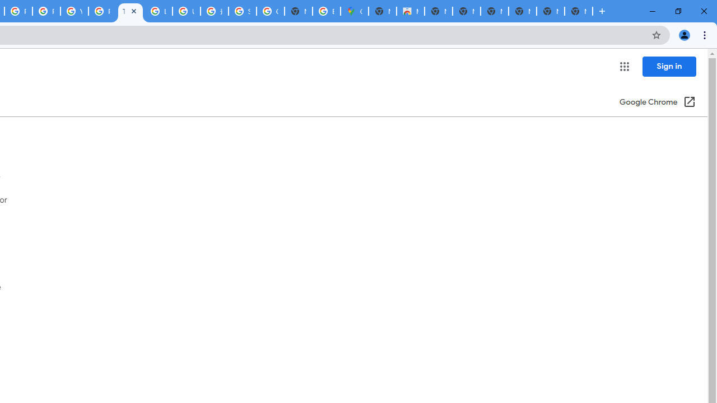  I want to click on 'Google Maps', so click(353, 11).